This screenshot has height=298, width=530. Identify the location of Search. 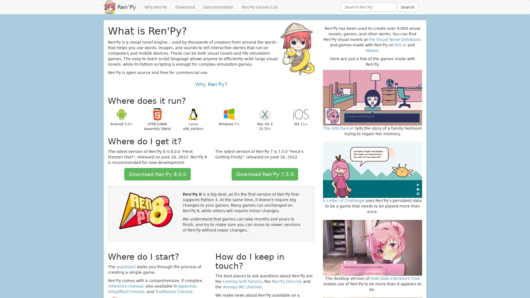
(408, 7).